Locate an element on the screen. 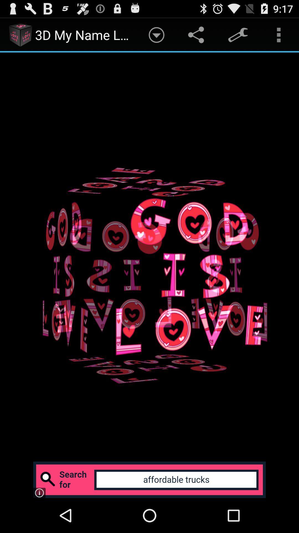 Image resolution: width=299 pixels, height=533 pixels. app next to the 3d my name item is located at coordinates (156, 34).